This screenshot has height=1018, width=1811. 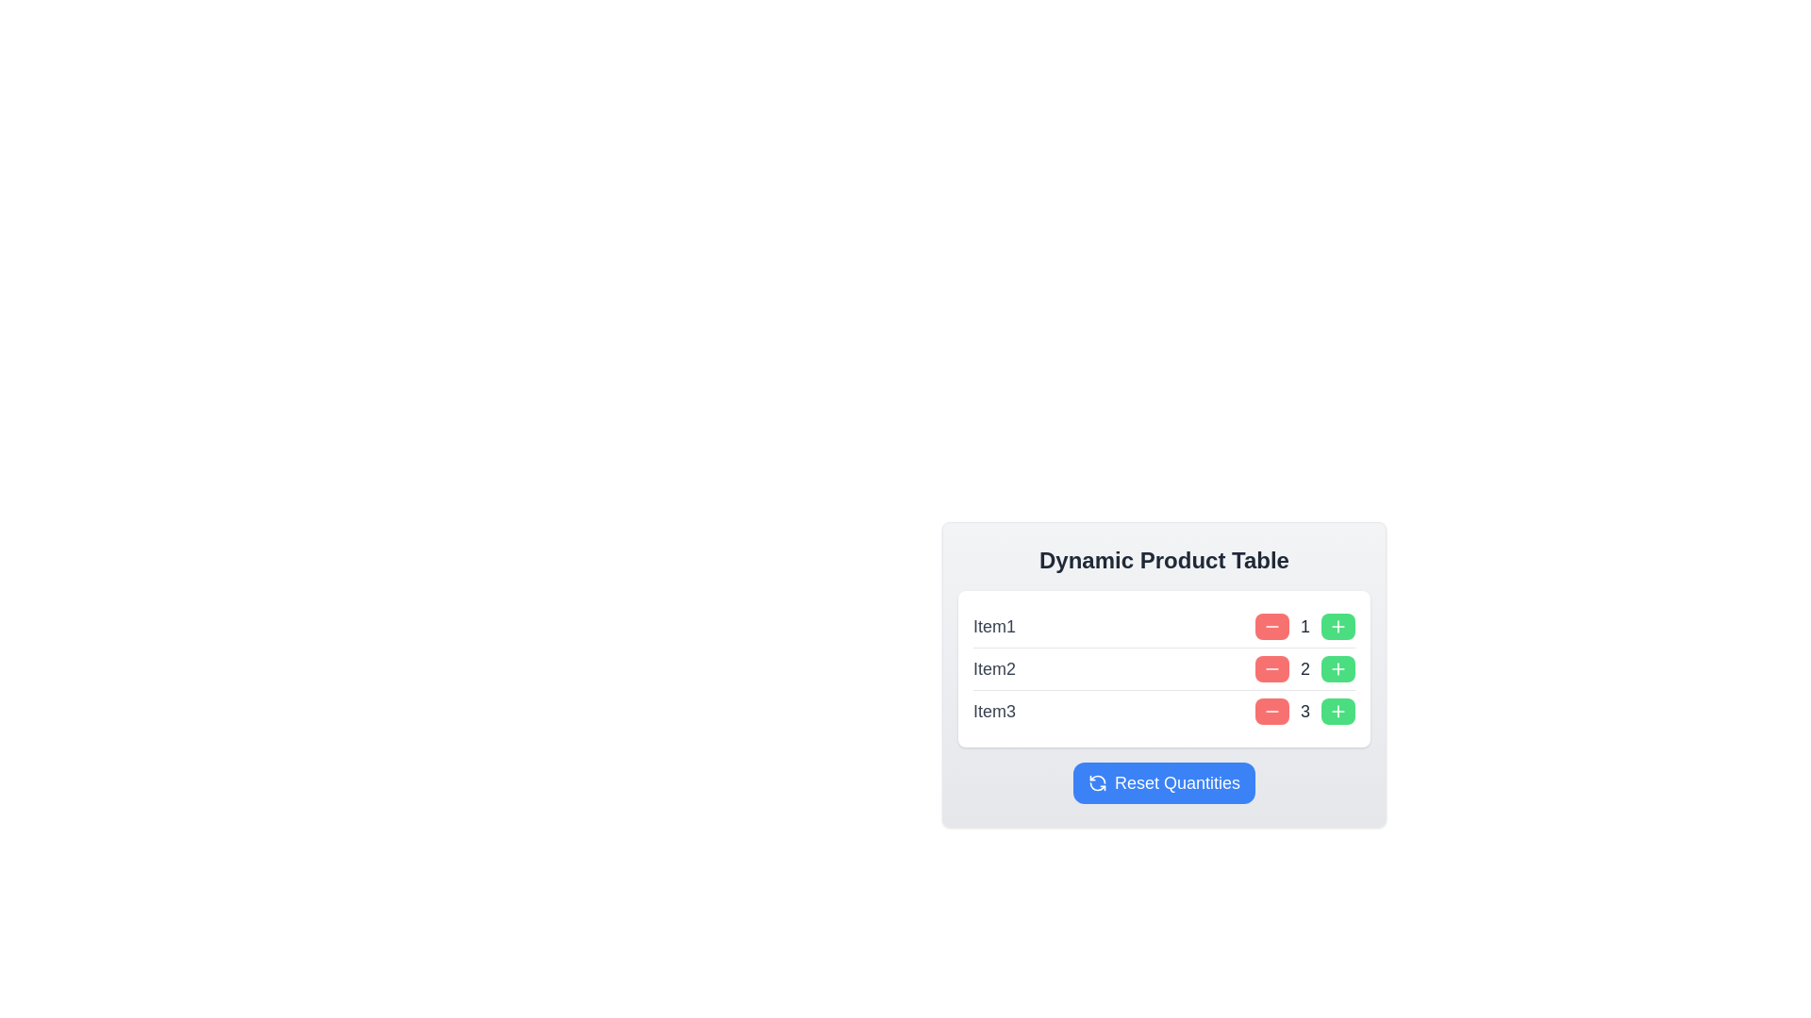 I want to click on the reset button located beneath the 'Dynamic Product Table' to reset the quantities in the table to their default values, so click(x=1163, y=782).